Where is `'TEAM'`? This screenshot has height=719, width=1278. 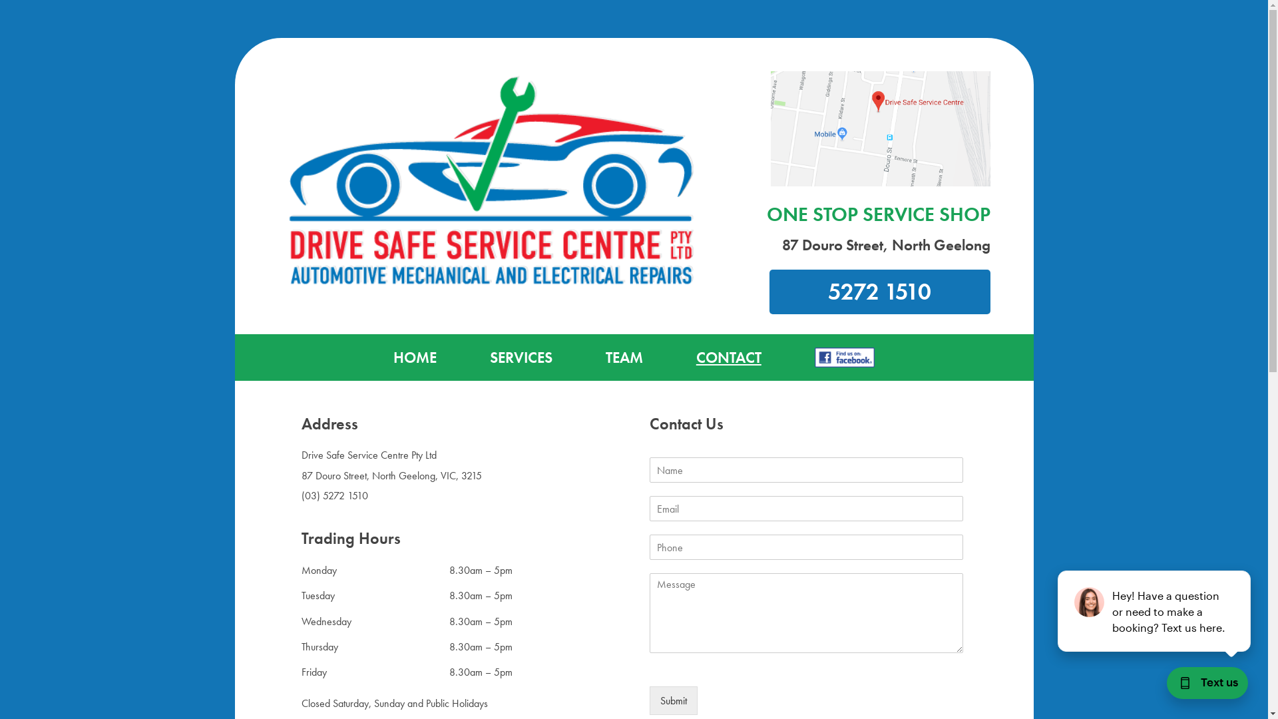 'TEAM' is located at coordinates (623, 356).